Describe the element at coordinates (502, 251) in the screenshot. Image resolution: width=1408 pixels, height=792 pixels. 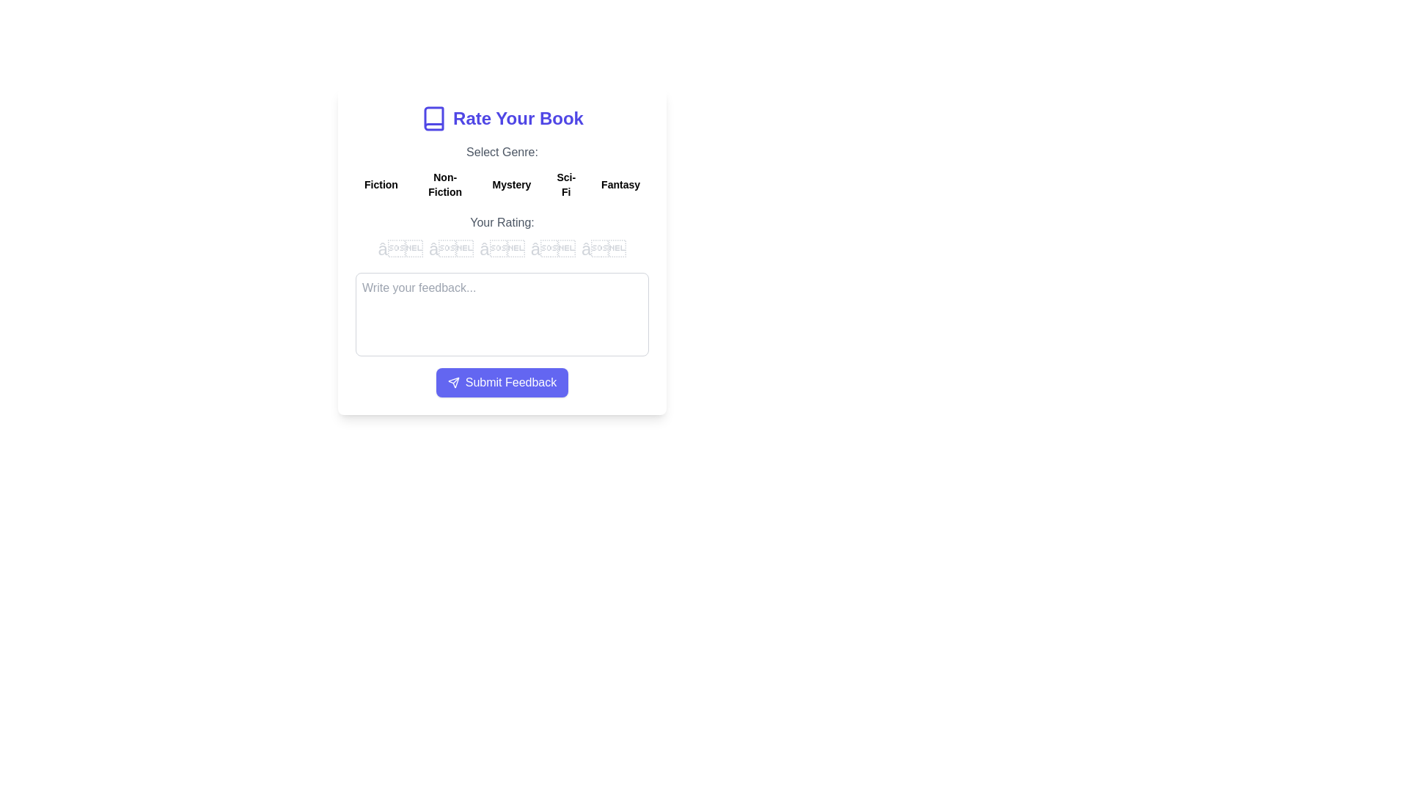
I see `the third interactive rating star in the 'Rate Your Book' interface` at that location.